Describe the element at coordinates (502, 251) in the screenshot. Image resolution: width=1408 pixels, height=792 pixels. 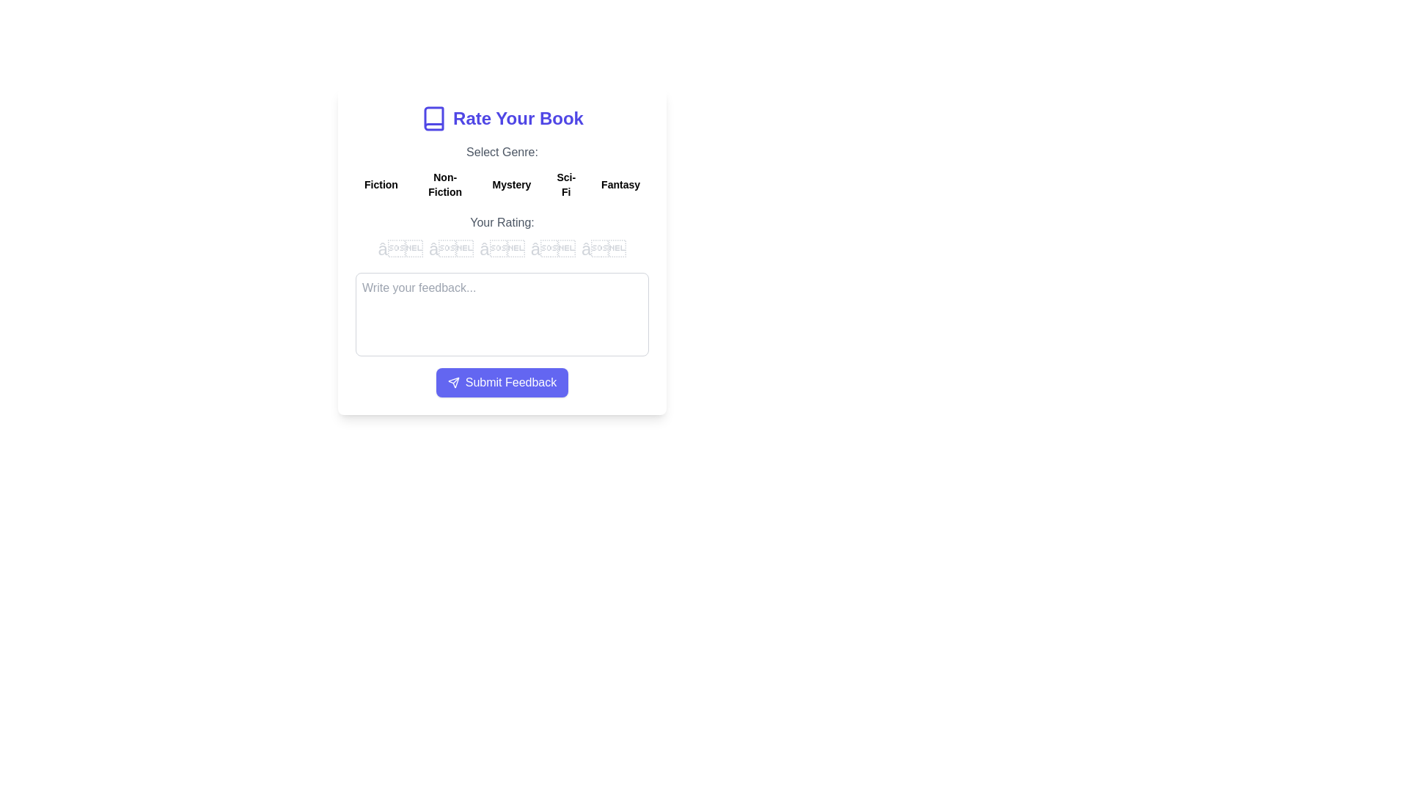
I see `the third interactive rating star in the 'Rate Your Book' interface` at that location.